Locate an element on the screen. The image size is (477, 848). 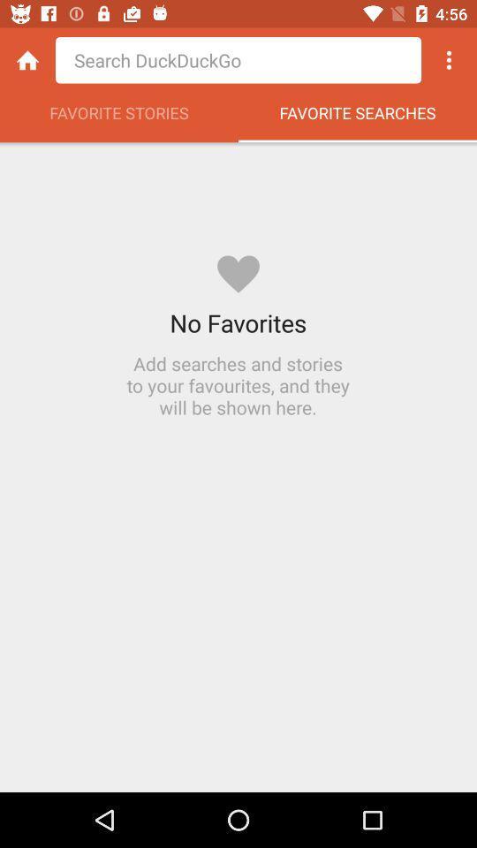
item to the left of the favorite searches app is located at coordinates (119, 117).